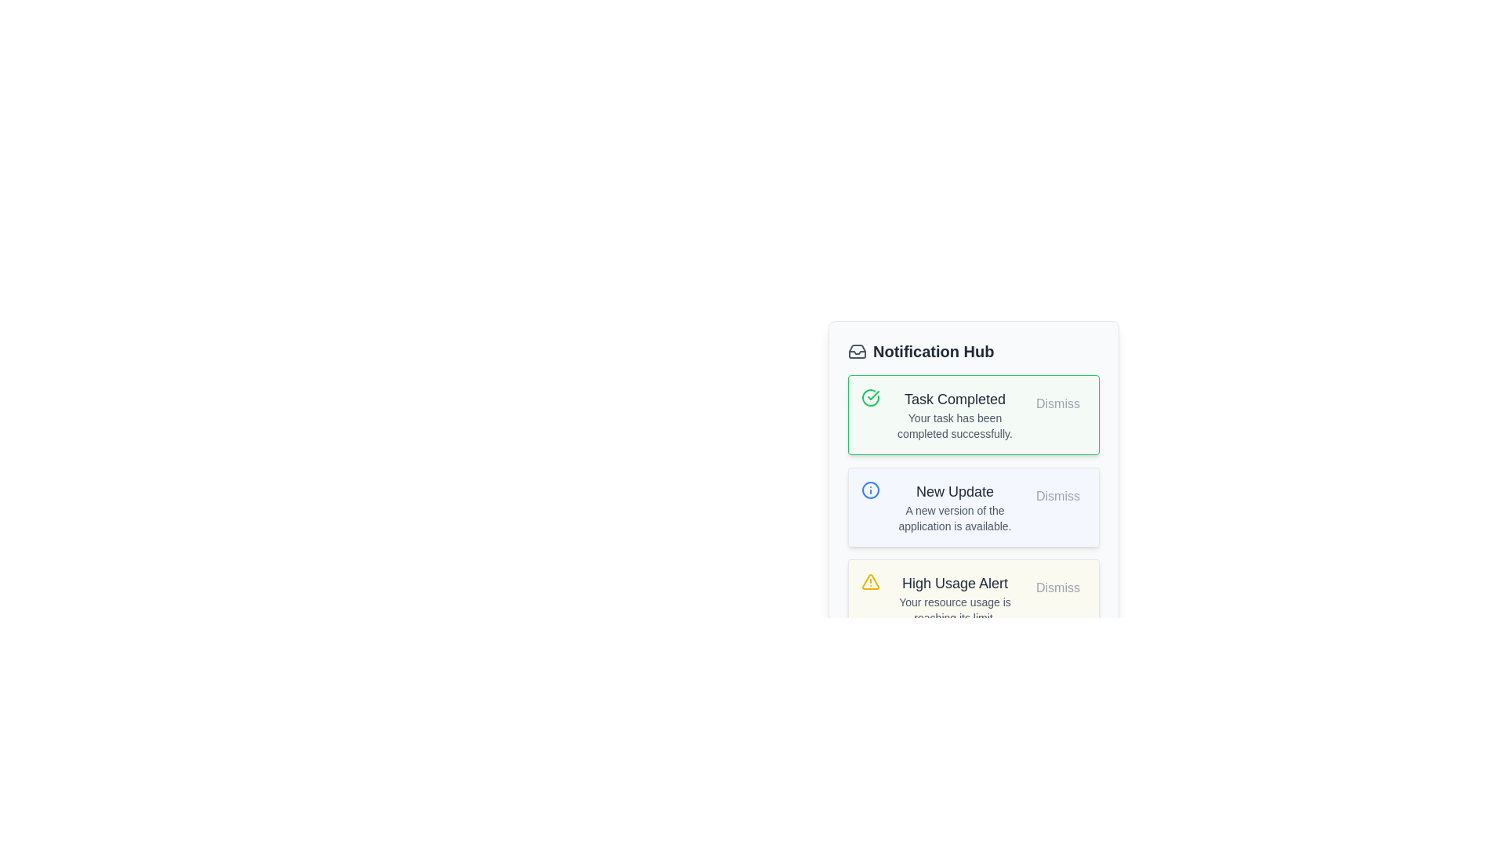 This screenshot has height=846, width=1505. I want to click on the information icon for the 'New Update' notification, which is positioned at the leftmost side of the notification box, next to the title text 'New Update', so click(869, 489).